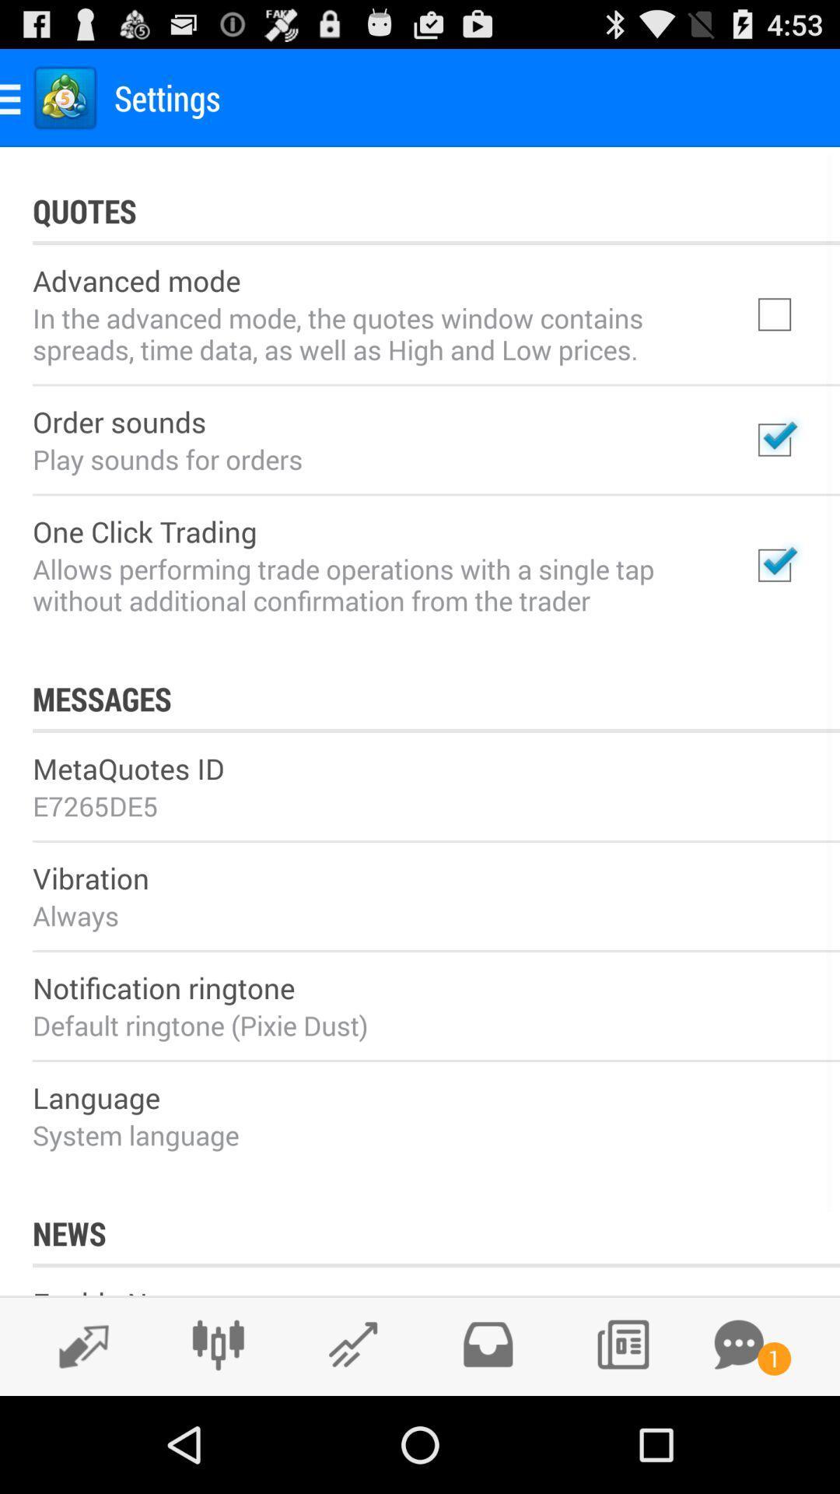 The image size is (840, 1494). What do you see at coordinates (218, 1438) in the screenshot?
I see `the sliders icon` at bounding box center [218, 1438].